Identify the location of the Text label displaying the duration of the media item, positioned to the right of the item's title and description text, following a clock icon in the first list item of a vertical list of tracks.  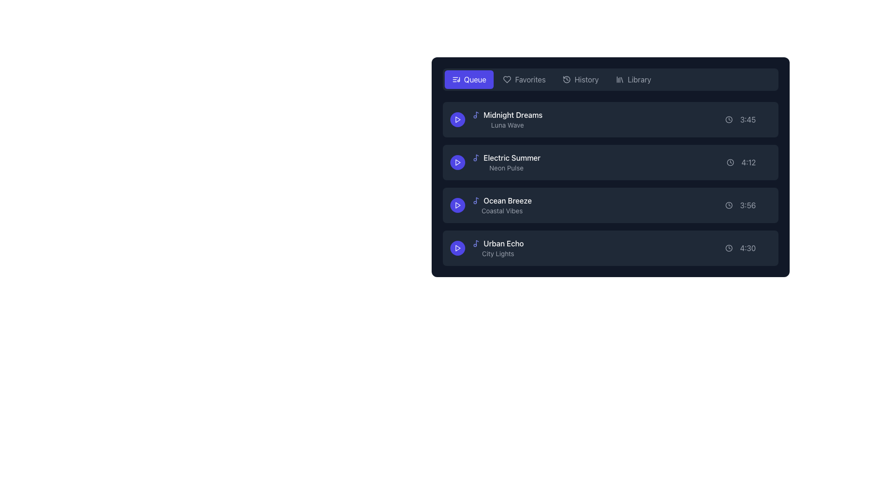
(748, 119).